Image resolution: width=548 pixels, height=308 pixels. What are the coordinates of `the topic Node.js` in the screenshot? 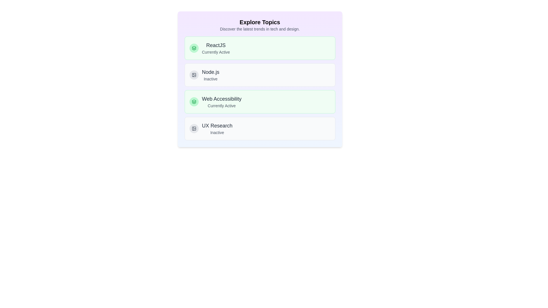 It's located at (259, 74).